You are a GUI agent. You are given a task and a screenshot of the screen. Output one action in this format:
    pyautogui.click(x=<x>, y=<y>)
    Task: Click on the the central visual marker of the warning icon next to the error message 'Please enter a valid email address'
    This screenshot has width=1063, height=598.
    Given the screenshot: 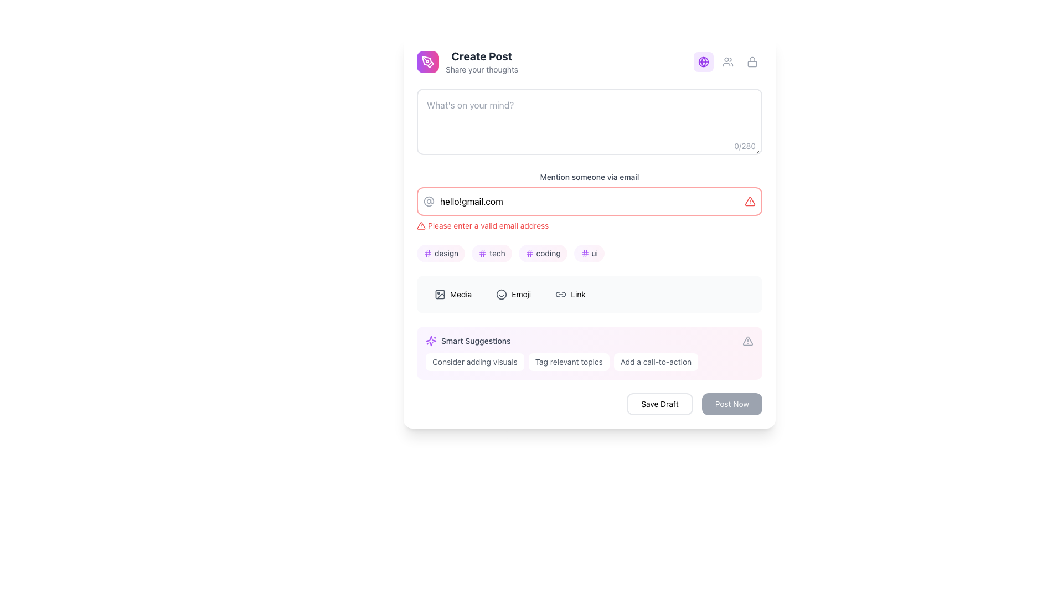 What is the action you would take?
    pyautogui.click(x=747, y=341)
    